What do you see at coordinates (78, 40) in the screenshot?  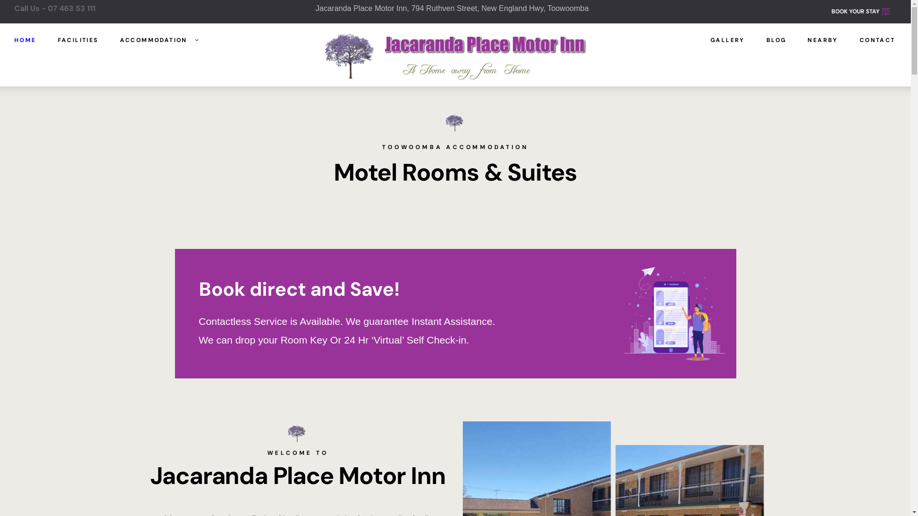 I see `'FACILITIES'` at bounding box center [78, 40].